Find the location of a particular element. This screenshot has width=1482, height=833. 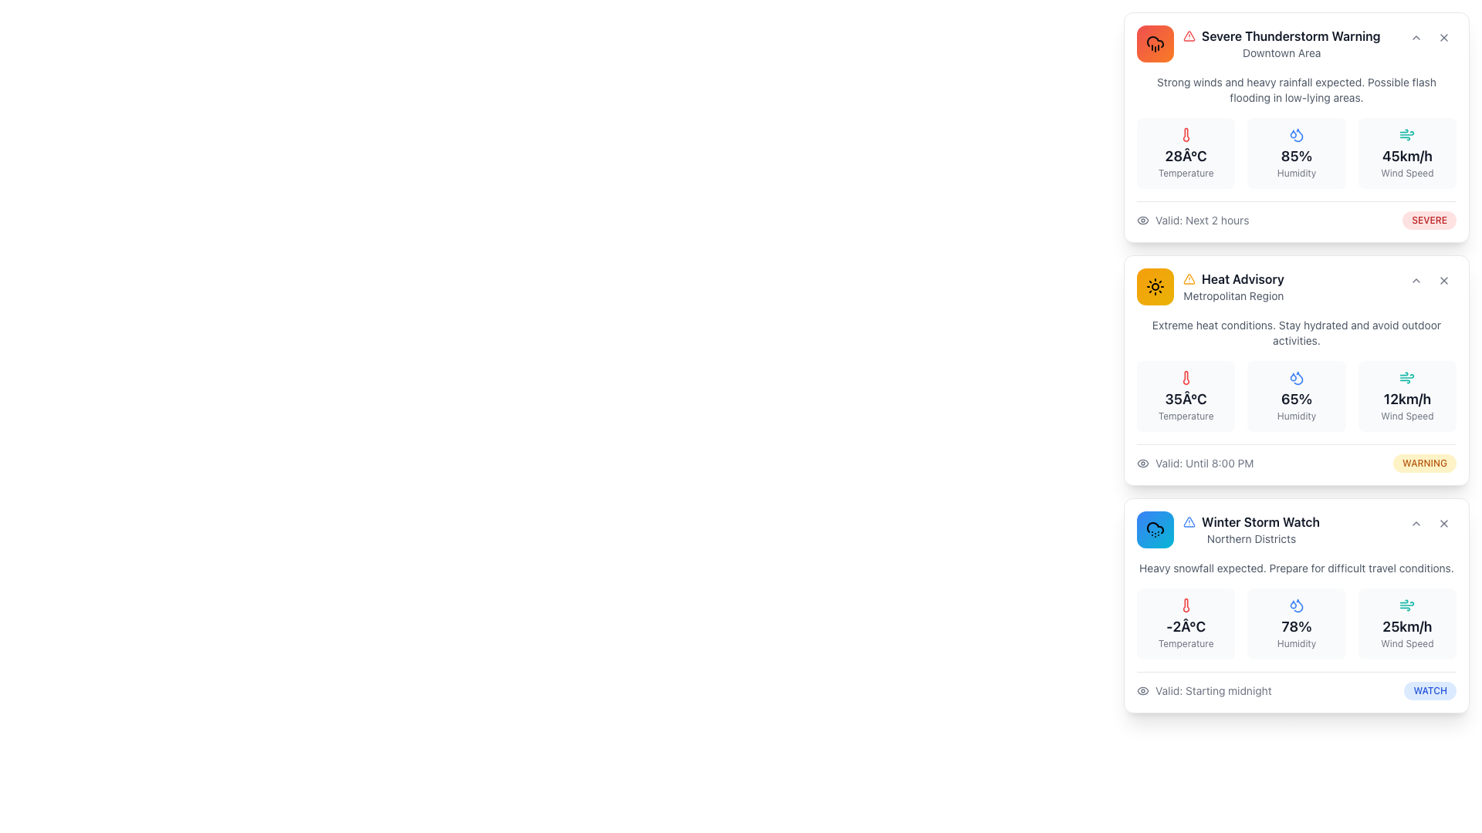

text label that describes the humidity level, located in the lower portion of the third card in the right-aligned column of weather warnings, just below the '78%' value is located at coordinates (1297, 643).